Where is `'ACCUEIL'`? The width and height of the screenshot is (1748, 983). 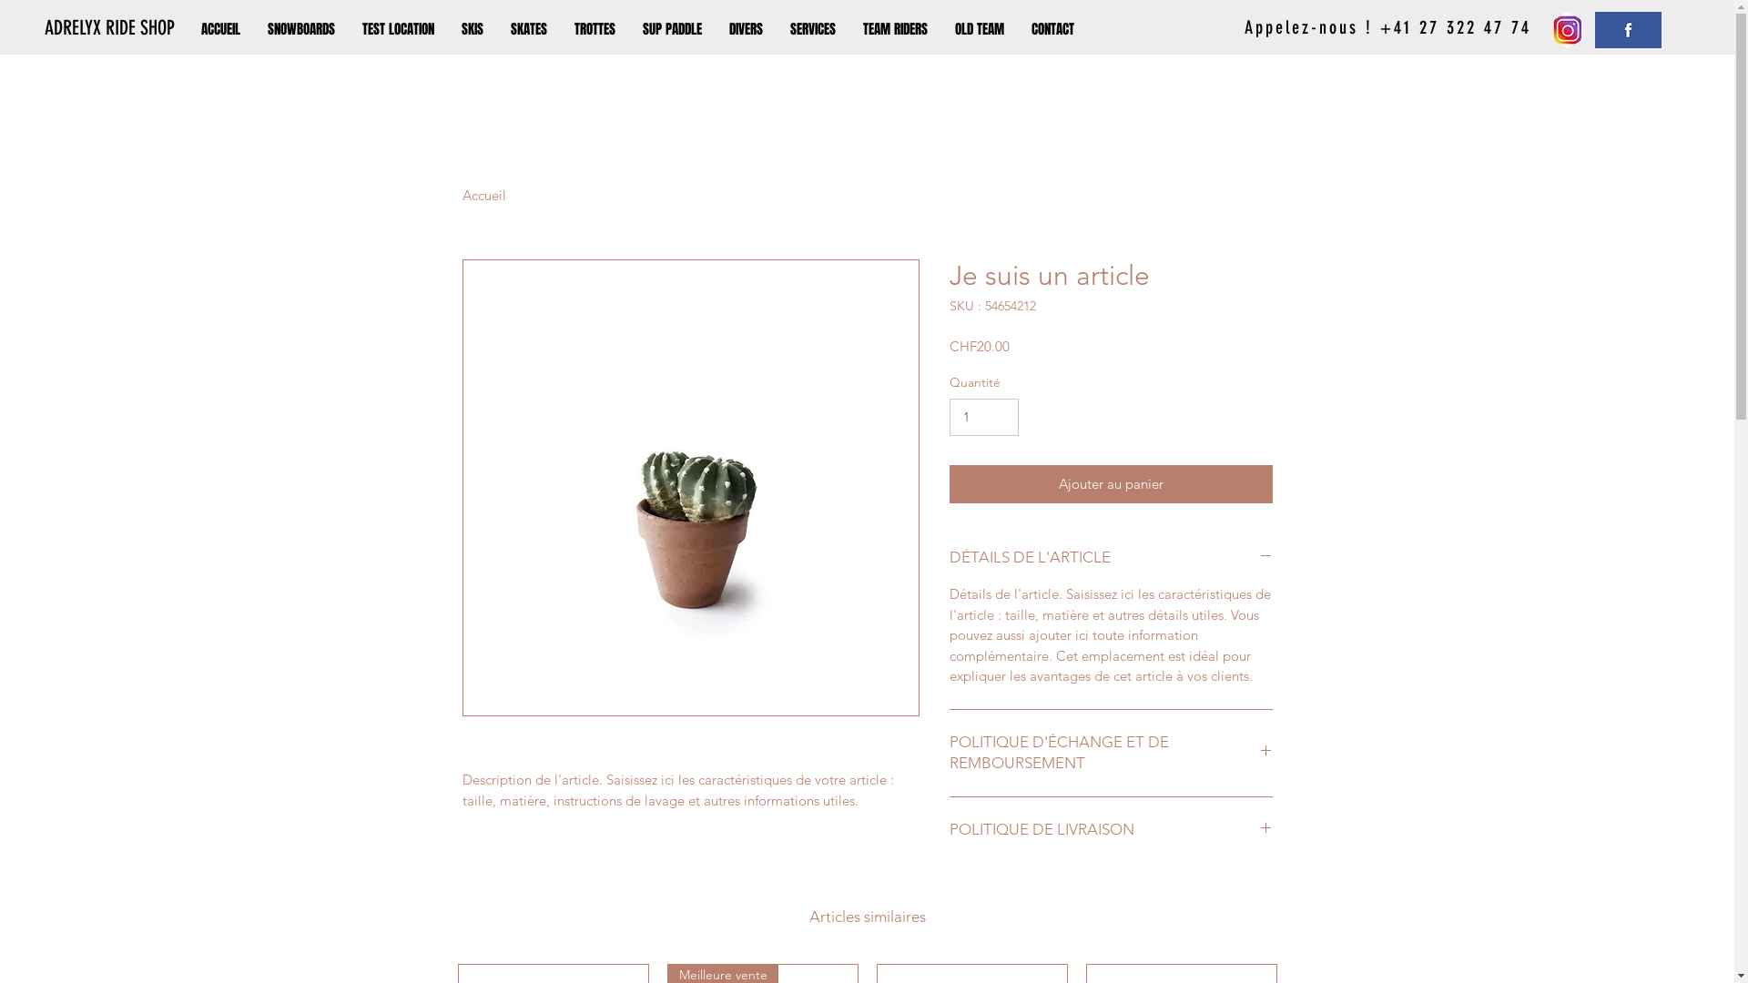
'ACCUEIL' is located at coordinates (219, 28).